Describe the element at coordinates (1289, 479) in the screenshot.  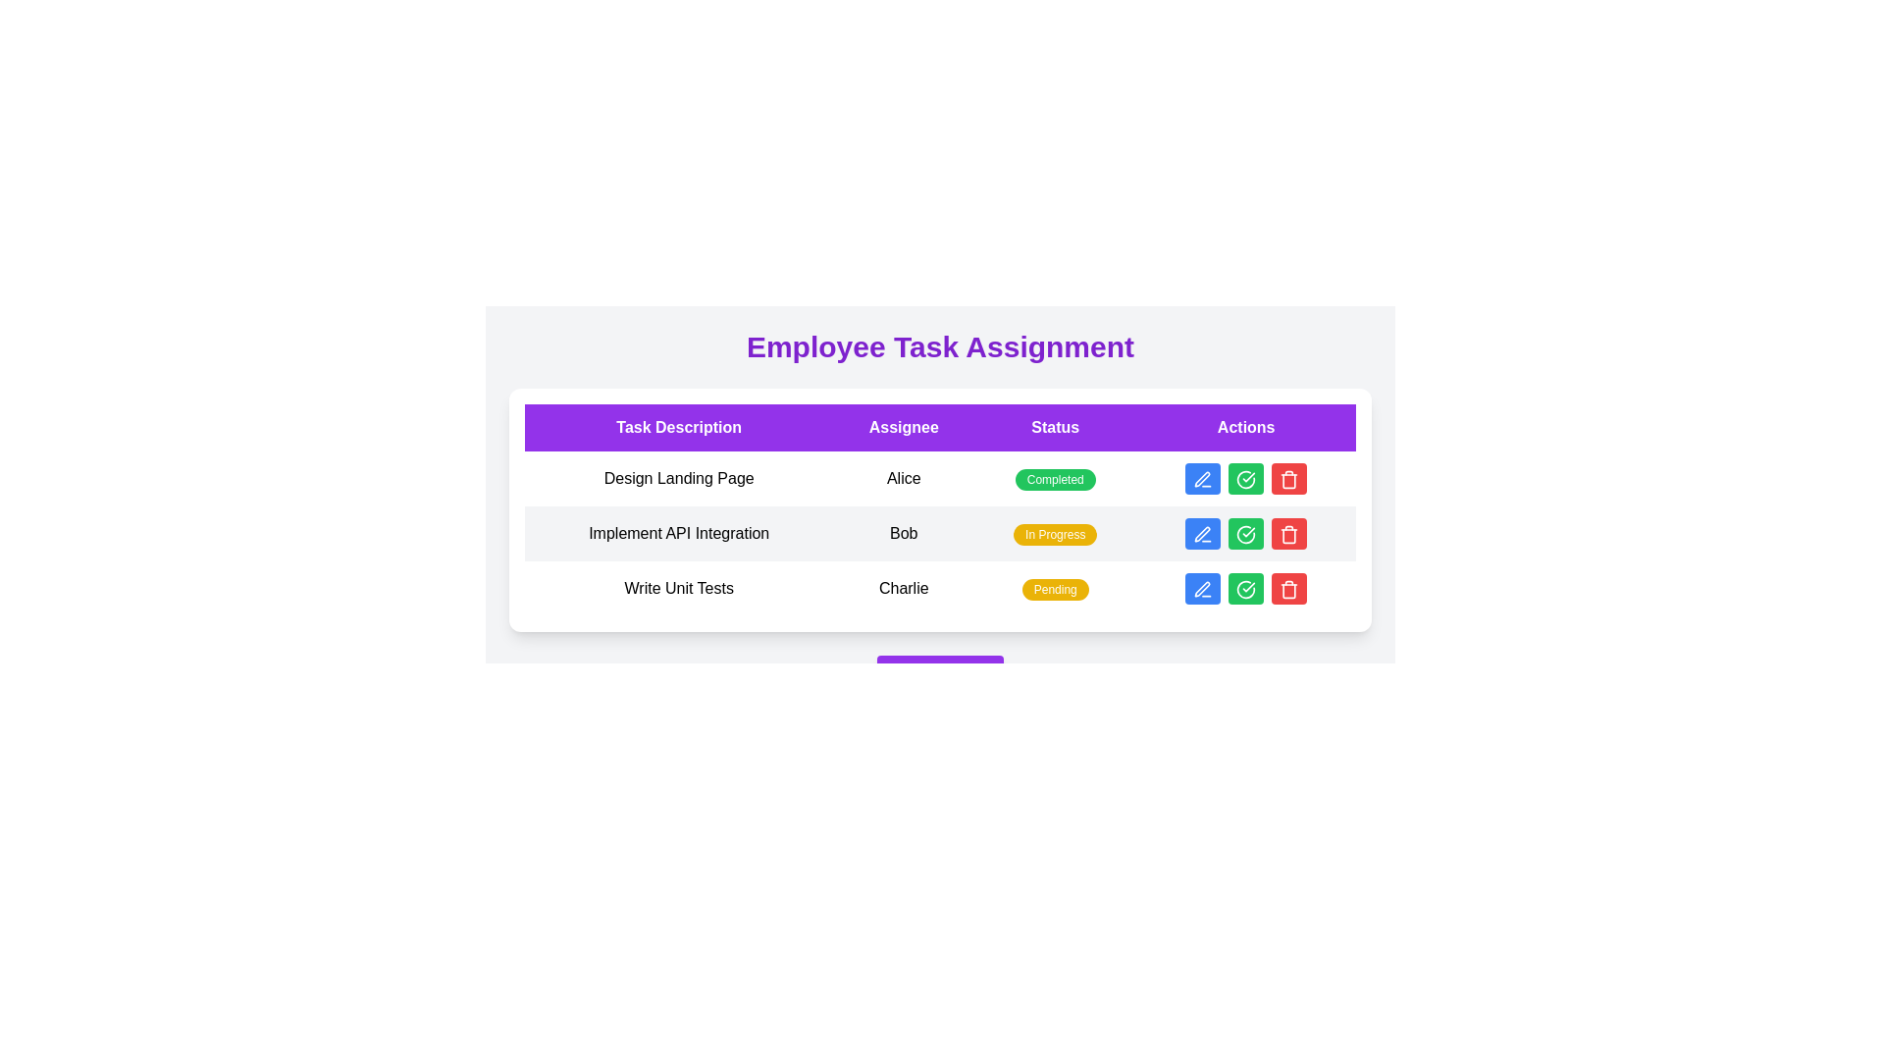
I see `the delete button in the third row of the Actions column` at that location.